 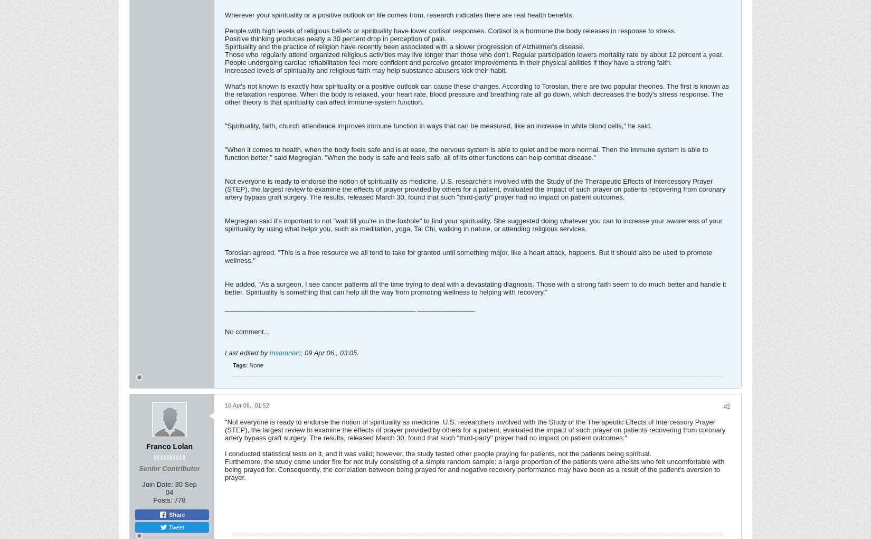 I want to click on '#2', so click(x=726, y=406).